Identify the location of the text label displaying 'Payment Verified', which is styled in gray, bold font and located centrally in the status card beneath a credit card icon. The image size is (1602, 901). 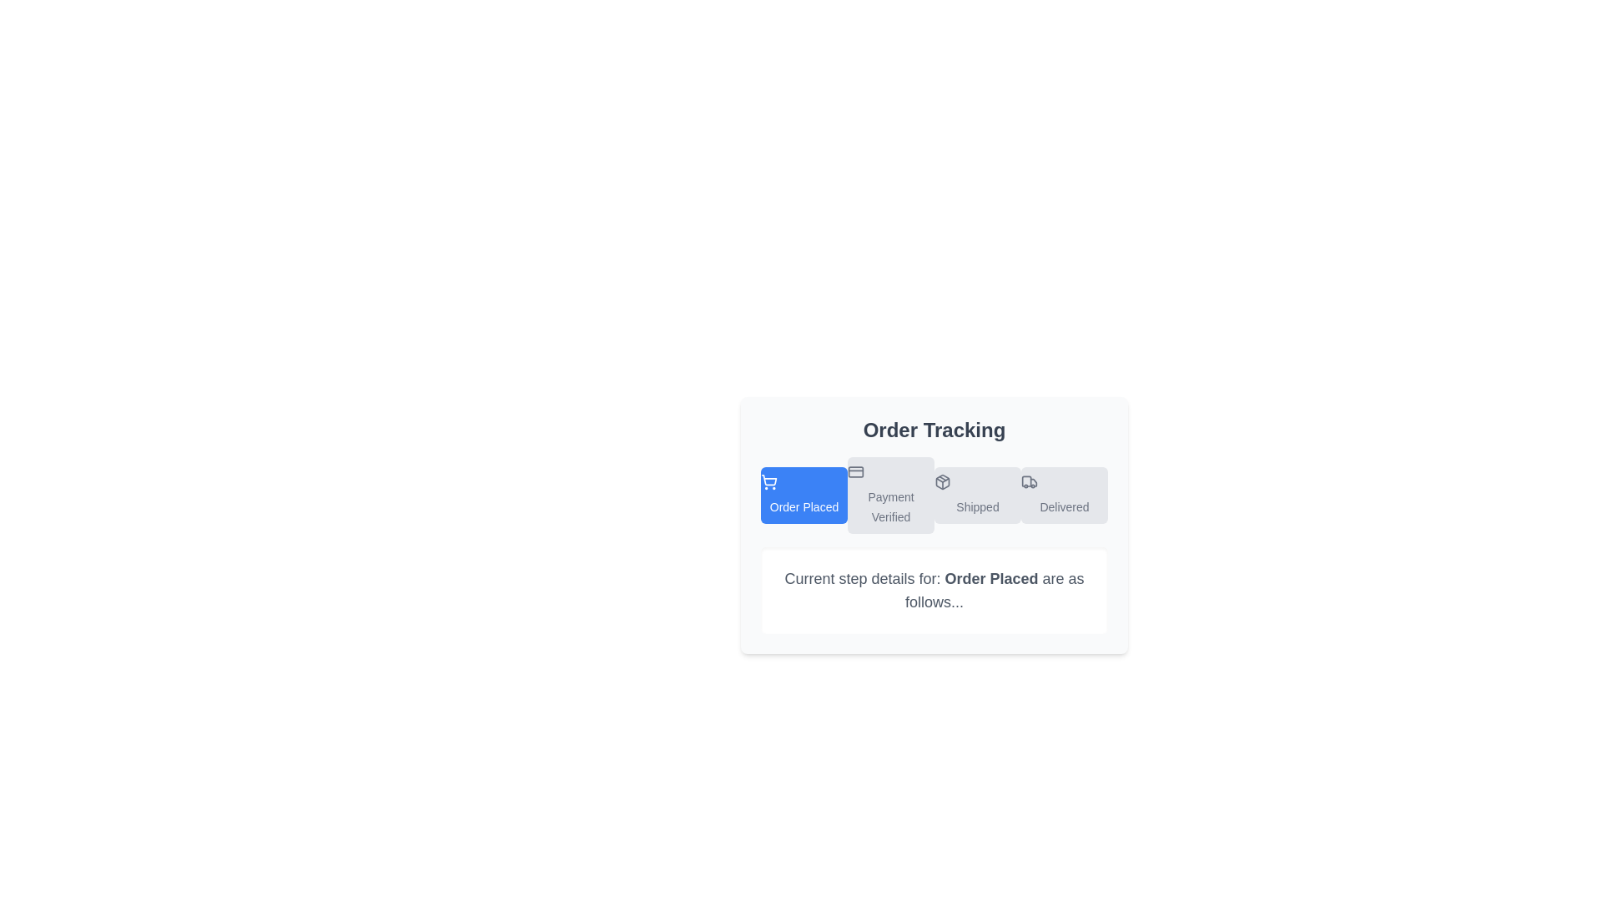
(890, 506).